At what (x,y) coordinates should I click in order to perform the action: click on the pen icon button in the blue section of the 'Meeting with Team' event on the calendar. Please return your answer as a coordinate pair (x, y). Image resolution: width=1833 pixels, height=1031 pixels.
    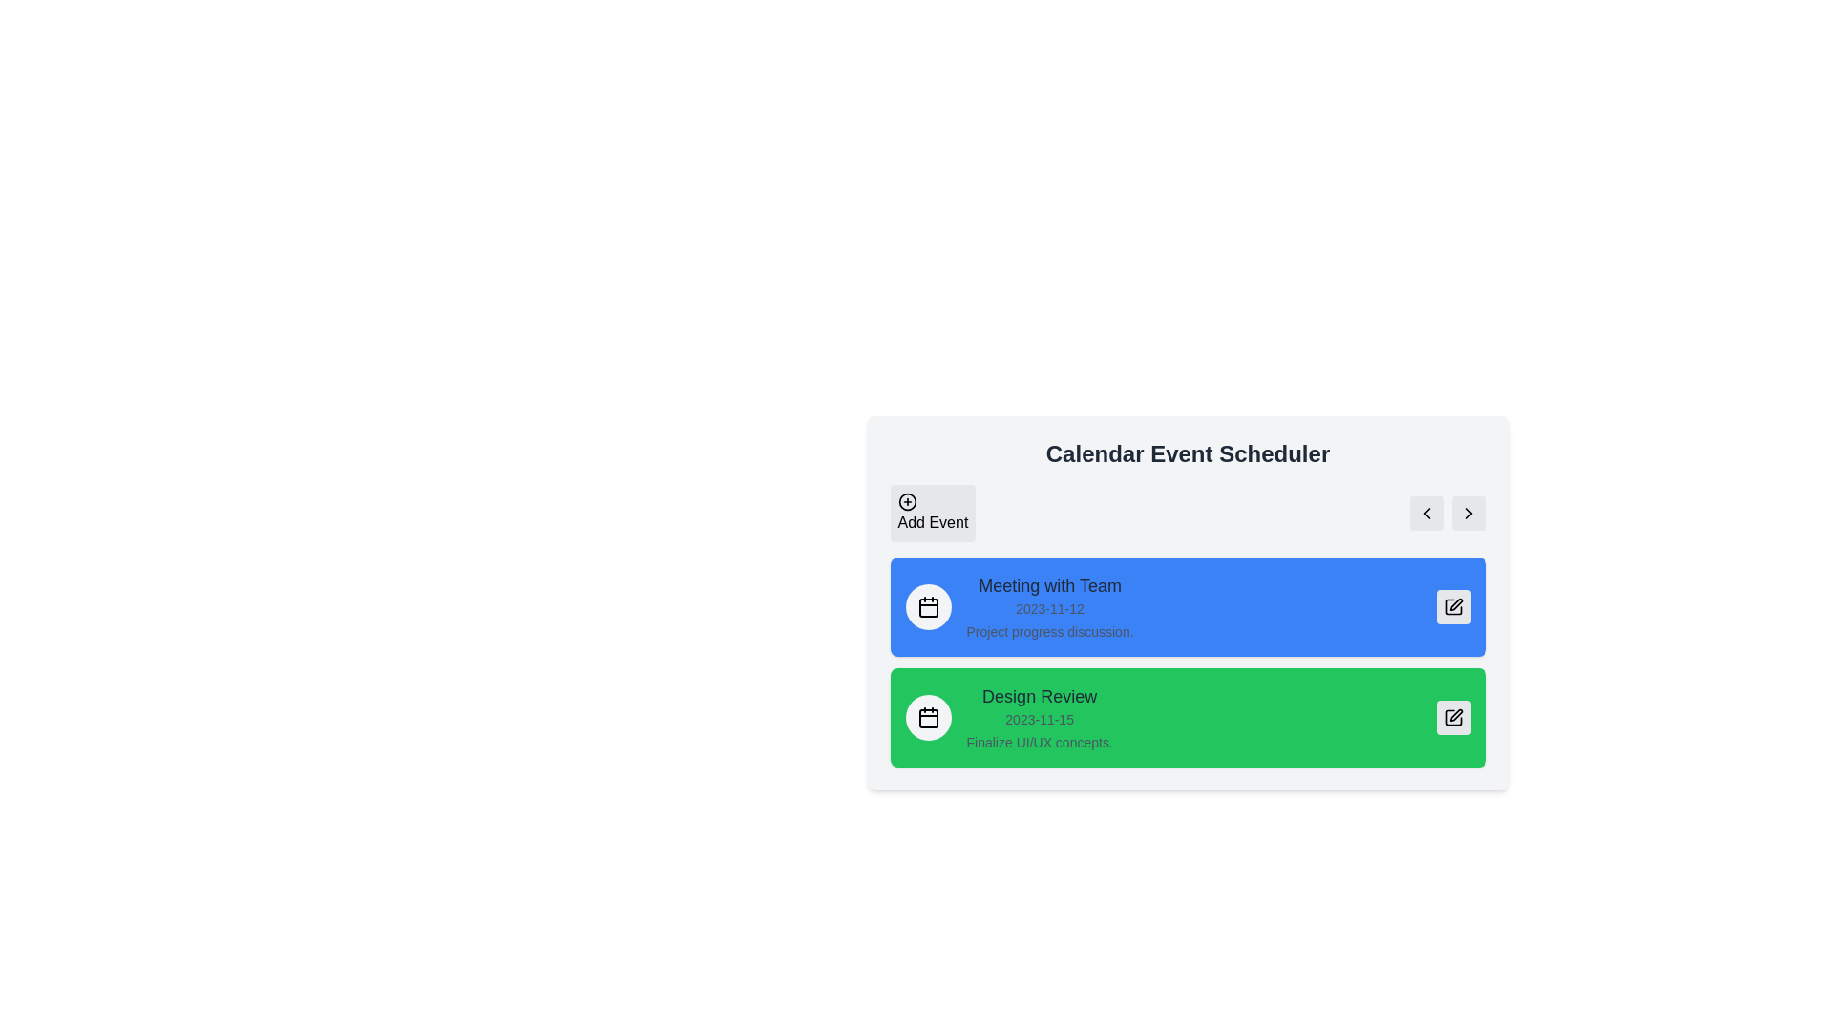
    Looking at the image, I should click on (1455, 604).